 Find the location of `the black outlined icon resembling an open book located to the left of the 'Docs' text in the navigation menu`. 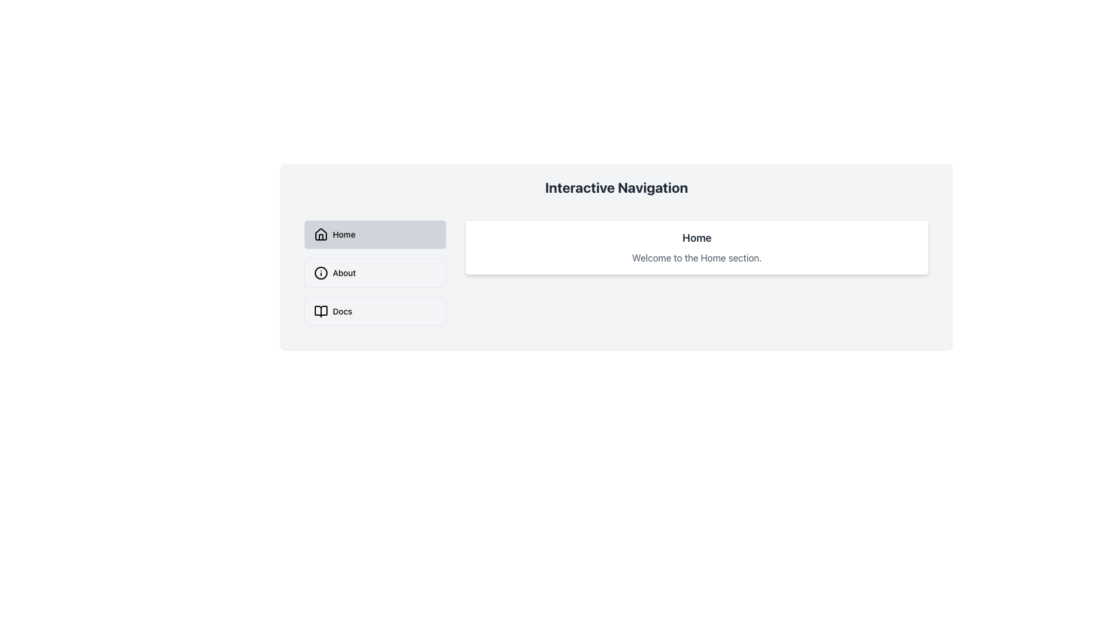

the black outlined icon resembling an open book located to the left of the 'Docs' text in the navigation menu is located at coordinates (321, 311).